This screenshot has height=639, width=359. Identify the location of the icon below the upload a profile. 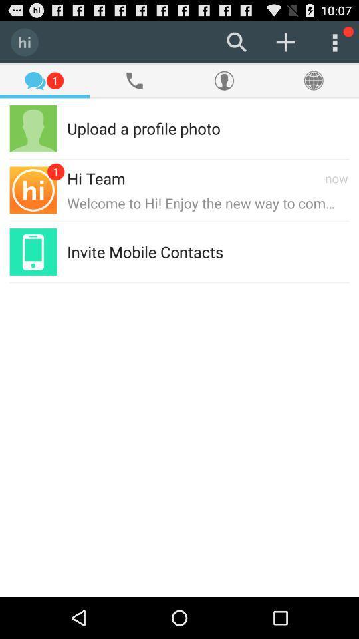
(95, 177).